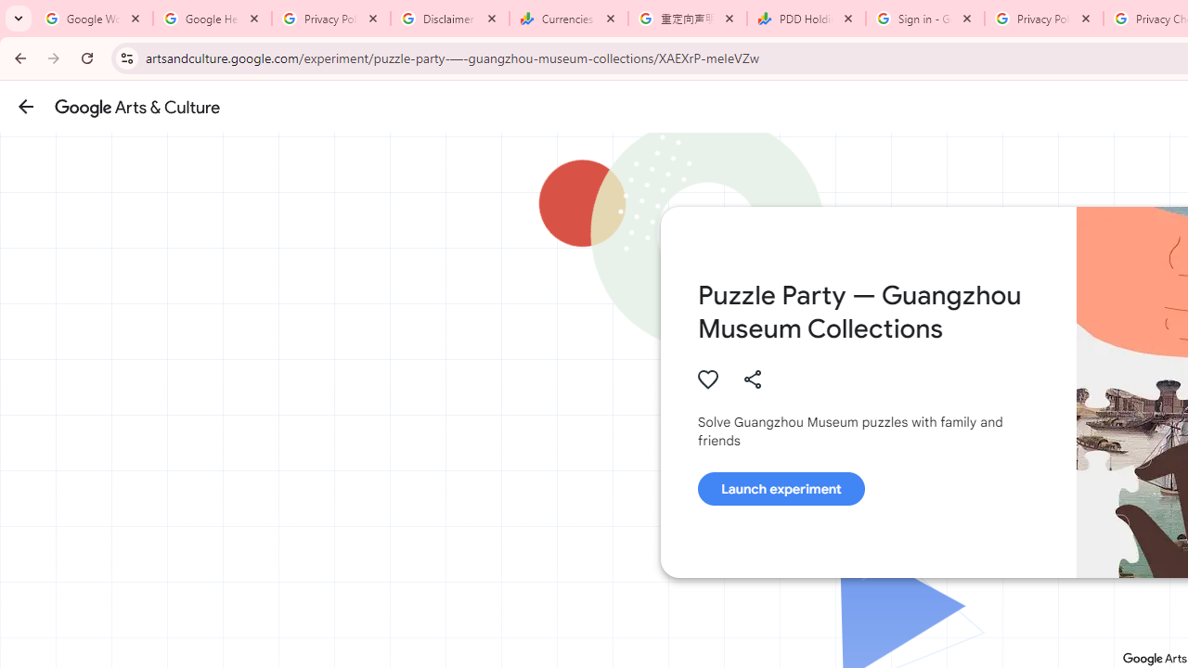  I want to click on 'PDD Holdings Inc - ADR (PDD) Price & News - Google Finance', so click(807, 19).